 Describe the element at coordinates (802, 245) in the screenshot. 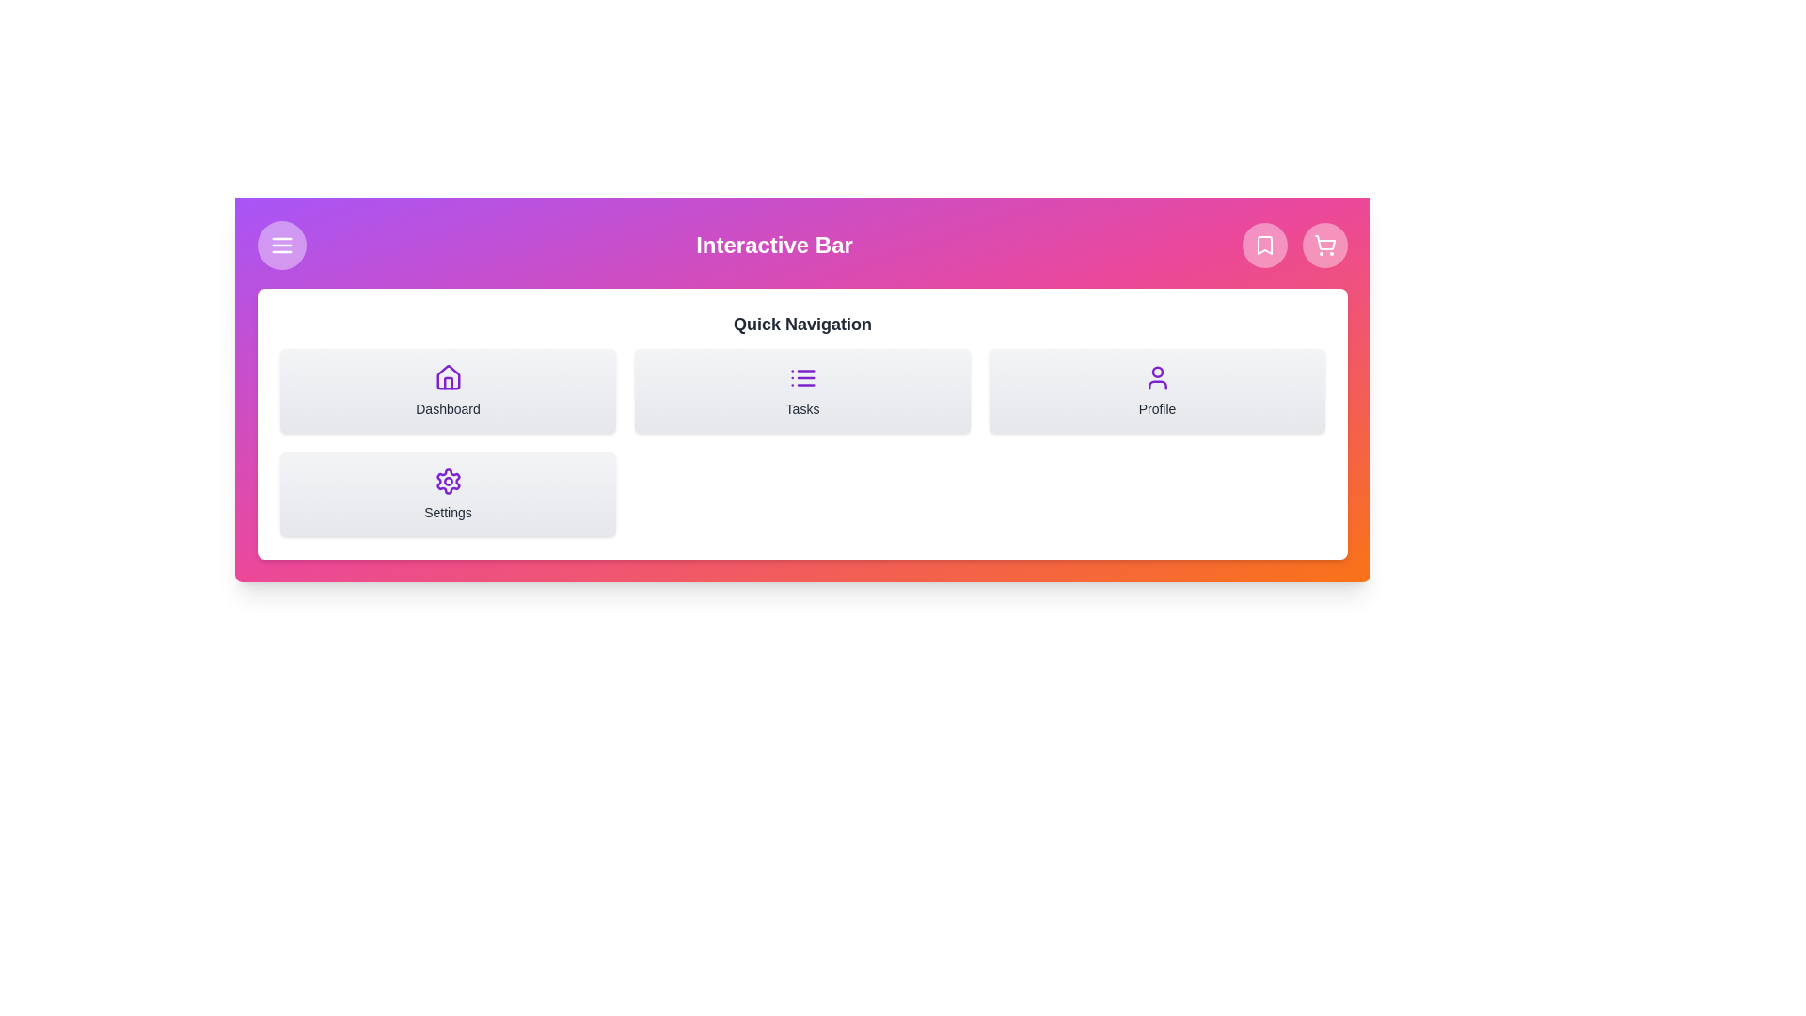

I see `the text 'Interactive Bar' to select it` at that location.